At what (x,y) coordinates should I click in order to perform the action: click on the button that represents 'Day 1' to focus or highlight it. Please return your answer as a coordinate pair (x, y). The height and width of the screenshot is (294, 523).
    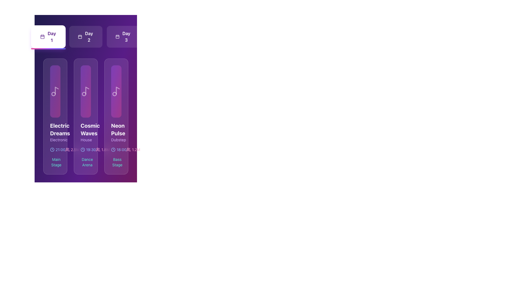
    Looking at the image, I should click on (48, 37).